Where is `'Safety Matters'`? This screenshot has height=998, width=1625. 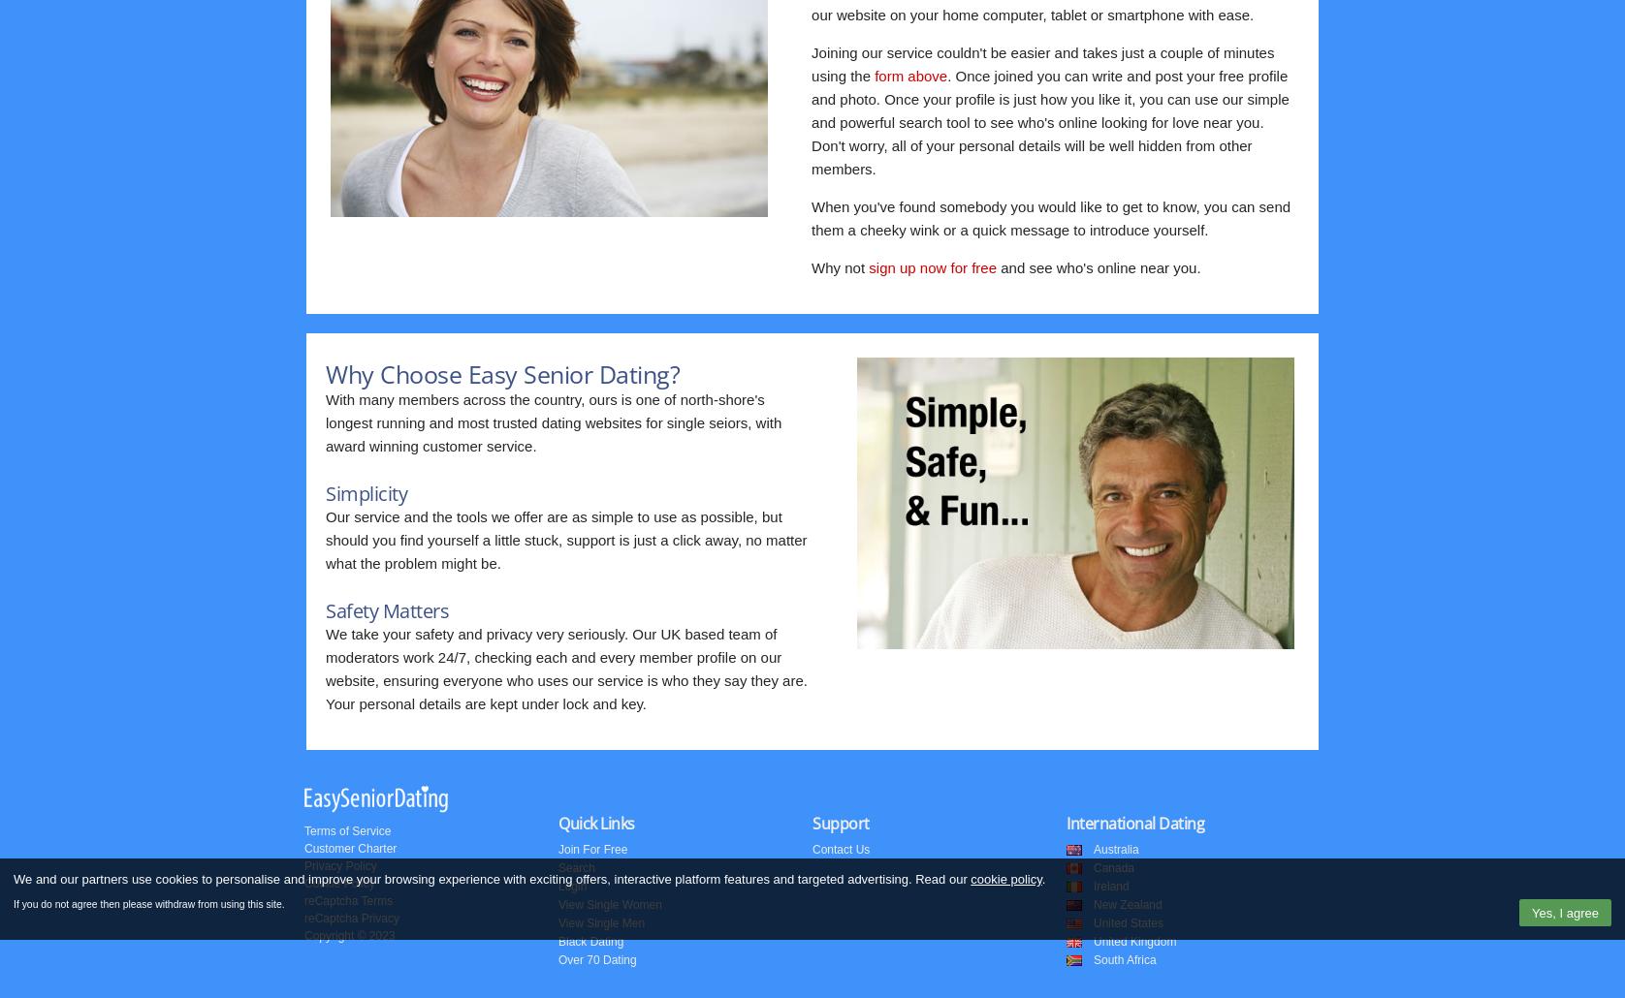
'Safety Matters' is located at coordinates (386, 609).